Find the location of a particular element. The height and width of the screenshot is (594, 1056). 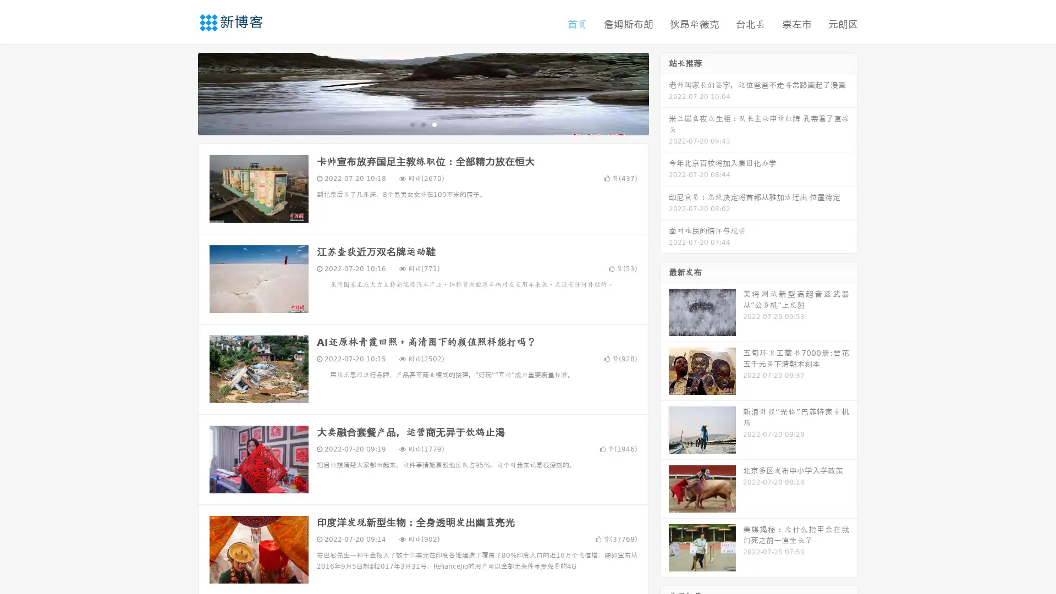

Previous slide is located at coordinates (182, 92).